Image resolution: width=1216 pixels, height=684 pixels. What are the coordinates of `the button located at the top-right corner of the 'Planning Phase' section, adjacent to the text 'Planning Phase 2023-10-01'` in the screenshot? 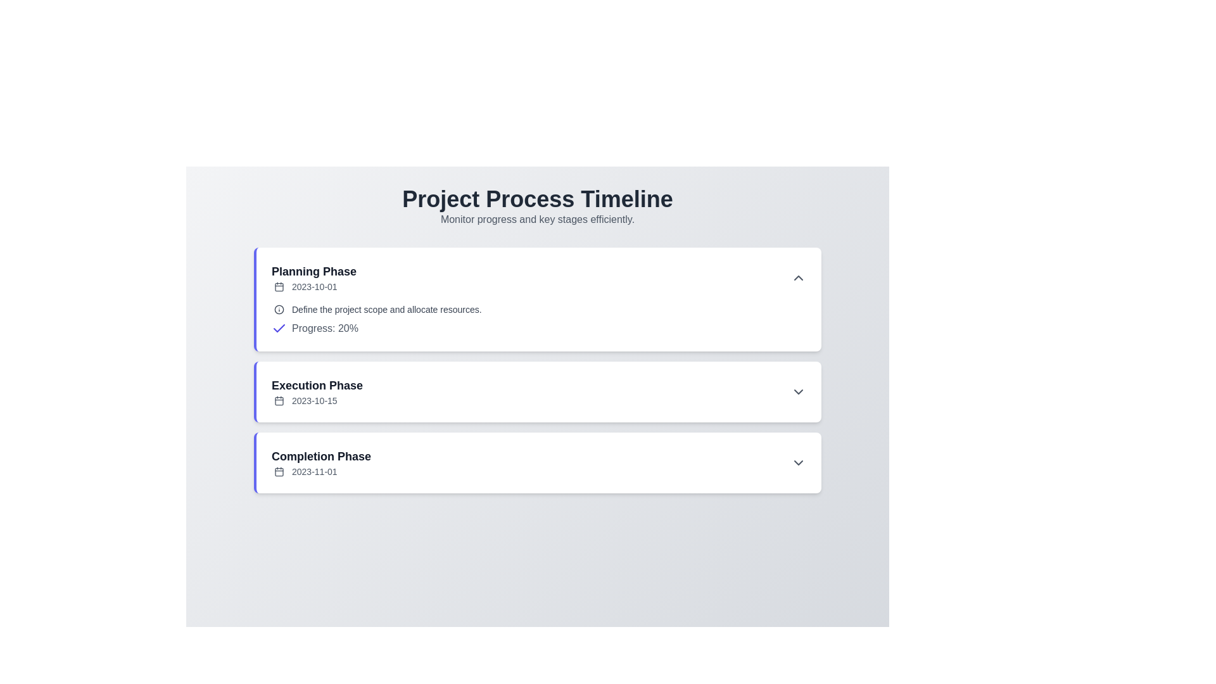 It's located at (798, 277).